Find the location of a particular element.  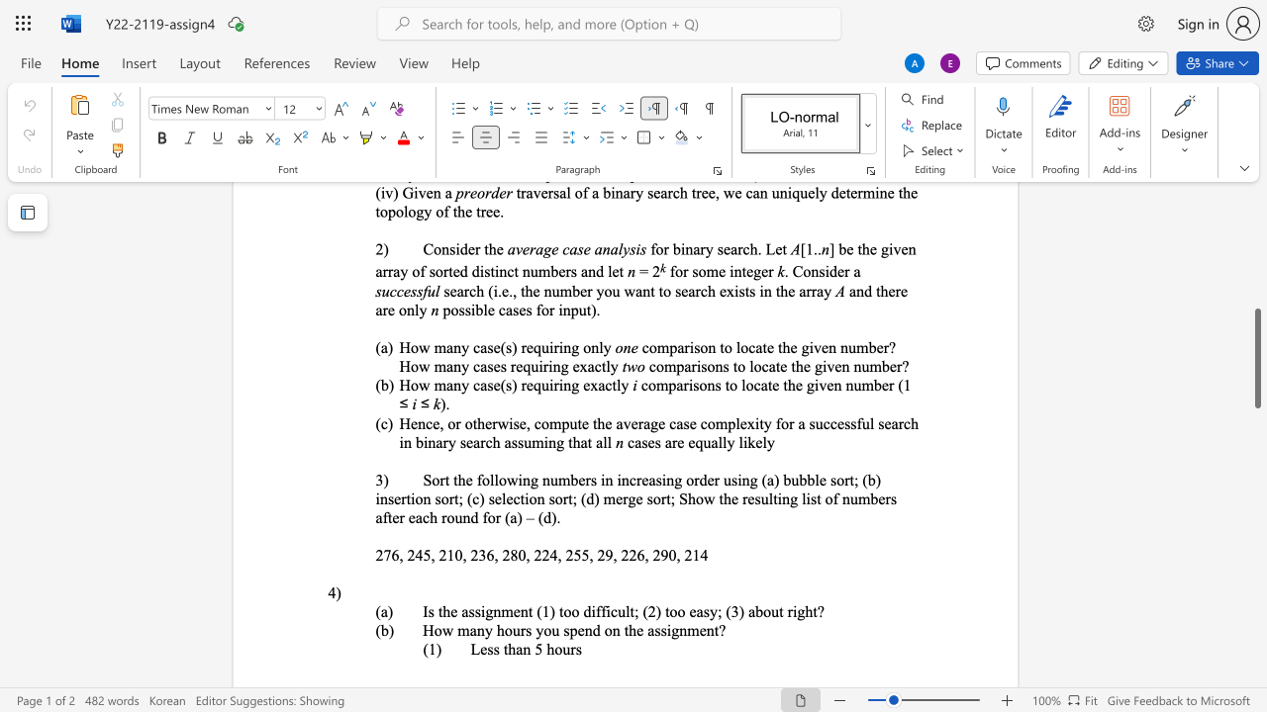

the scrollbar on the side is located at coordinates (1256, 267).